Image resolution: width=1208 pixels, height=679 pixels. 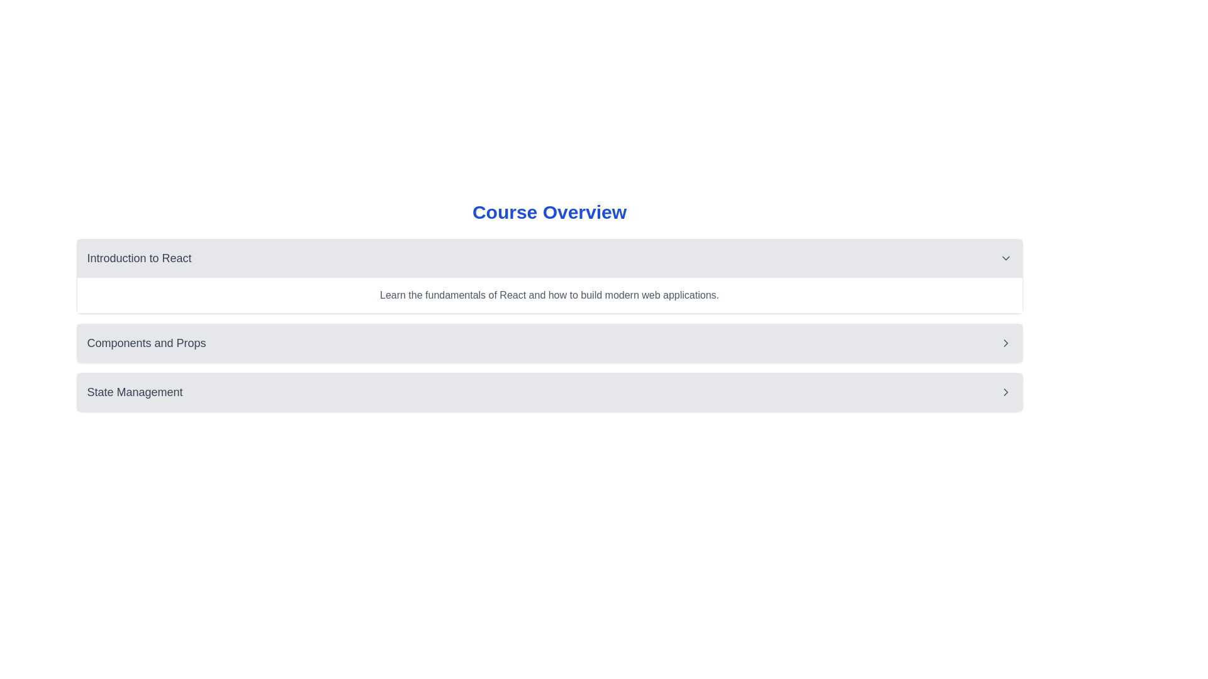 What do you see at coordinates (549, 343) in the screenshot?
I see `the navigational button for 'Components and Props' located below 'Introduction` at bounding box center [549, 343].